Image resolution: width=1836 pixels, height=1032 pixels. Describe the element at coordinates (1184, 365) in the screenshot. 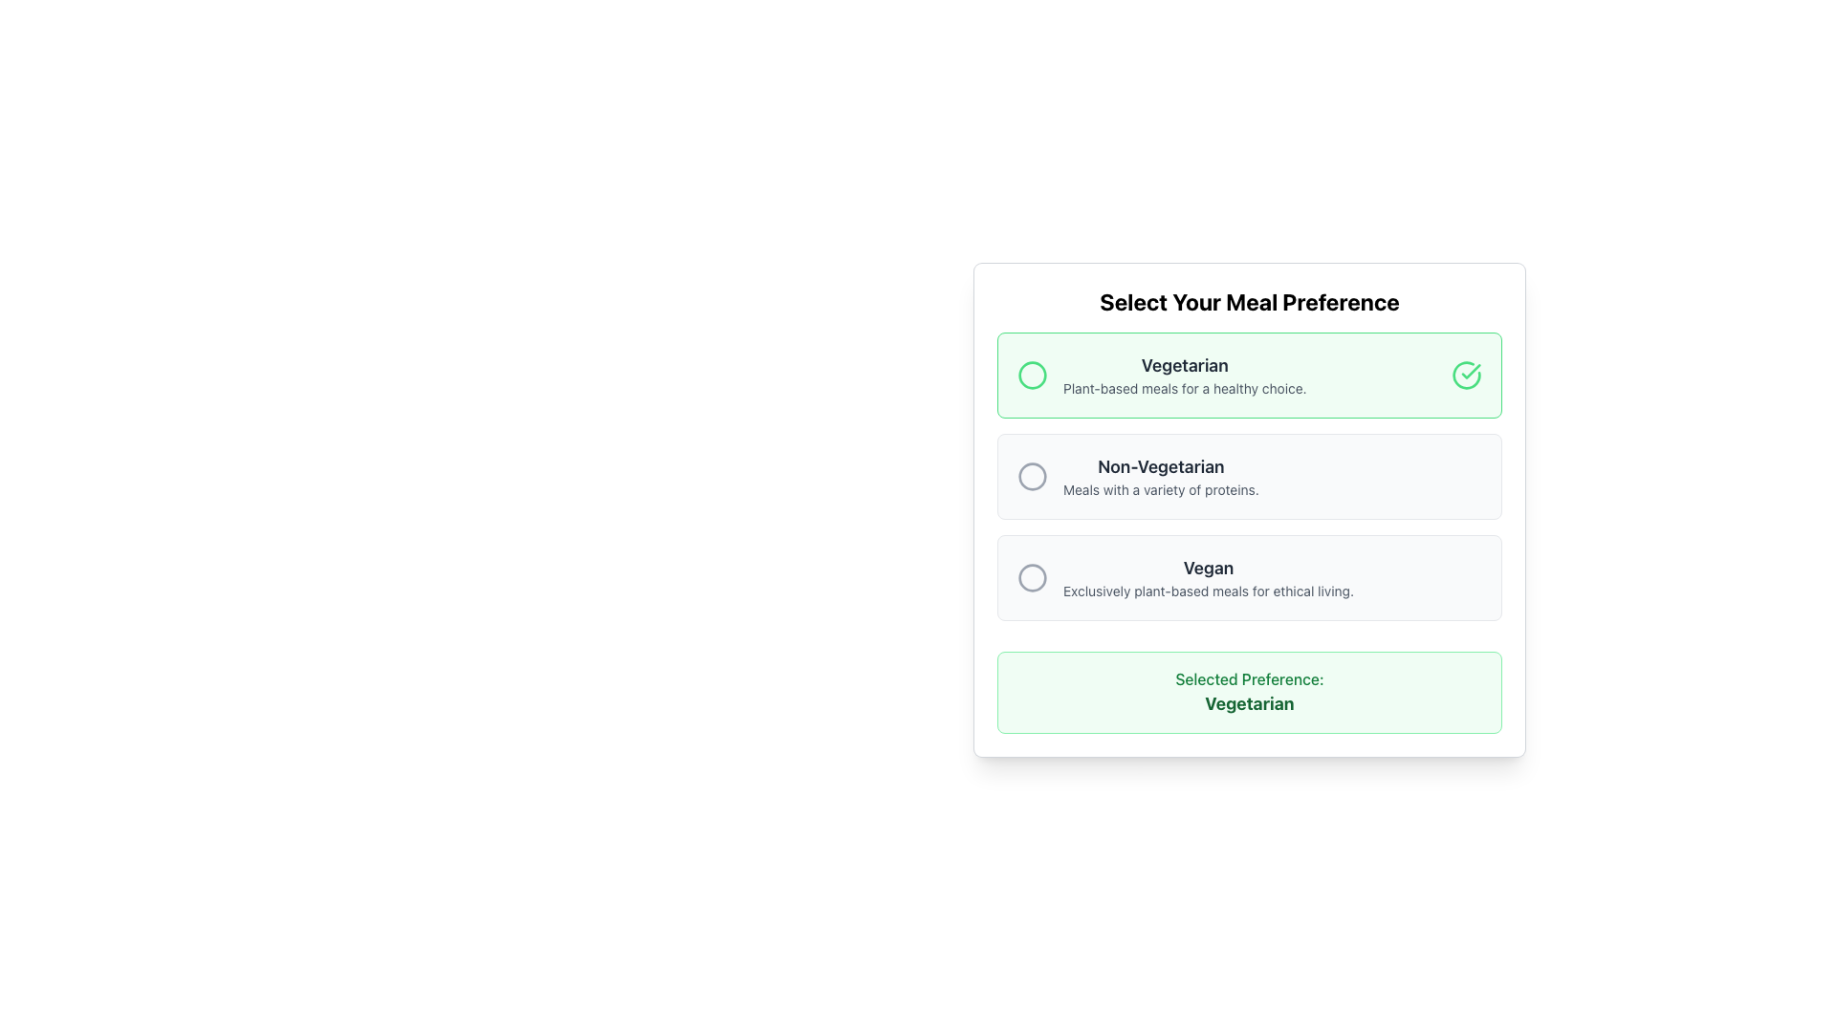

I see `text content of the bold 'Vegetarian' label displayed prominently at the top of the meal preferences section` at that location.